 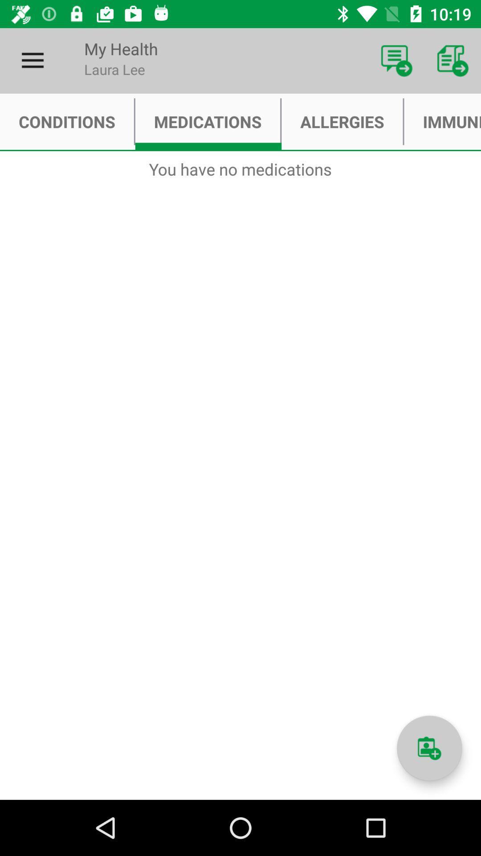 What do you see at coordinates (429, 748) in the screenshot?
I see `item at the bottom right corner` at bounding box center [429, 748].